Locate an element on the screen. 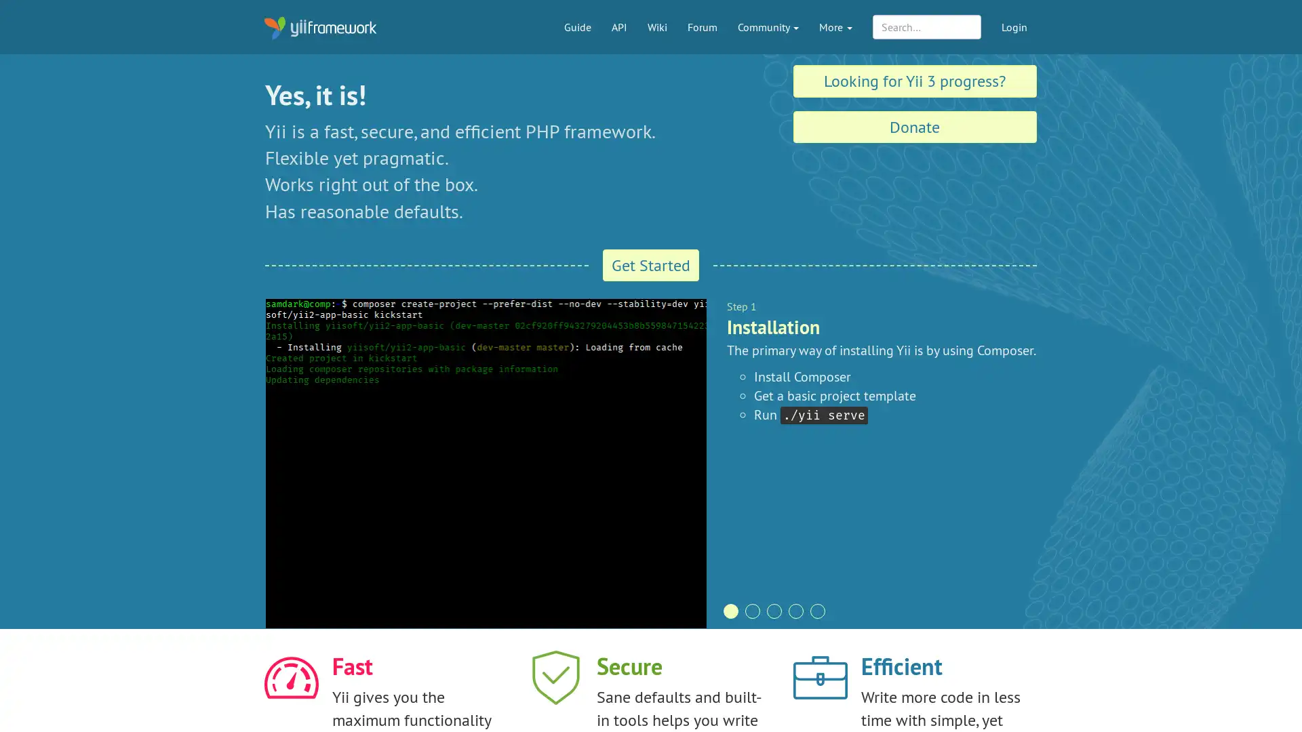  pagination is located at coordinates (751, 611).